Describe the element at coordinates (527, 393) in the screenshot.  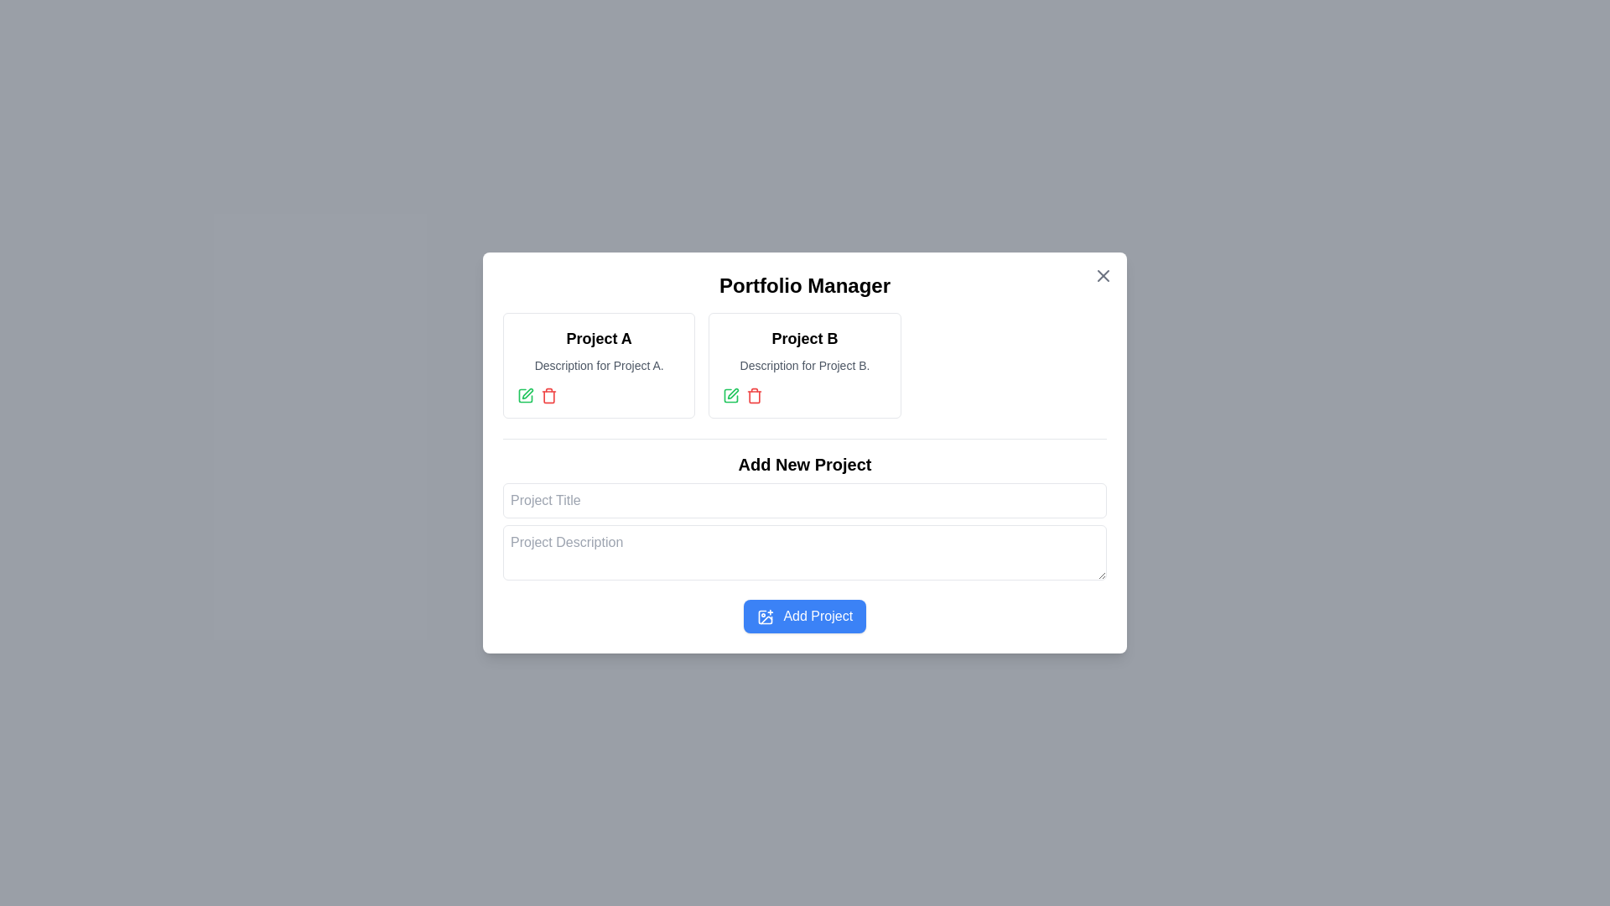
I see `keyboard navigation` at that location.